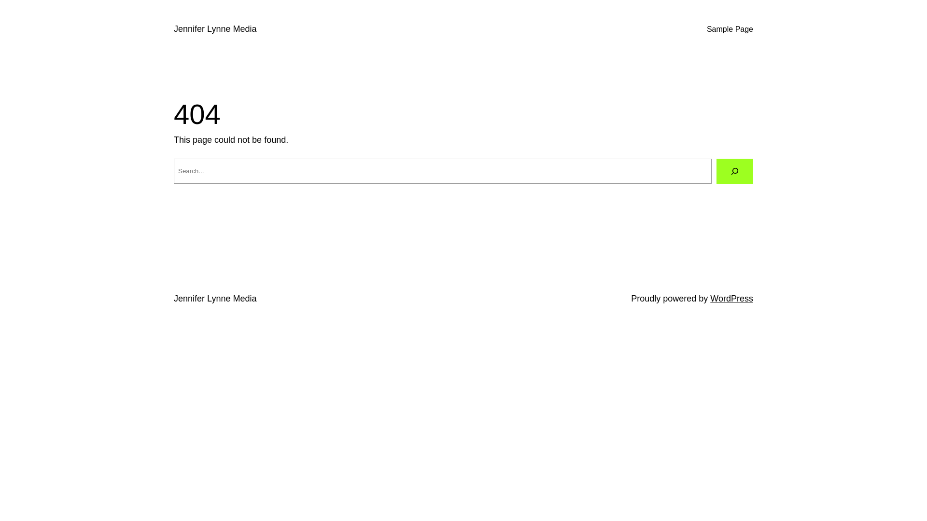 This screenshot has height=521, width=927. Describe the element at coordinates (707, 29) in the screenshot. I see `'Sample Page'` at that location.